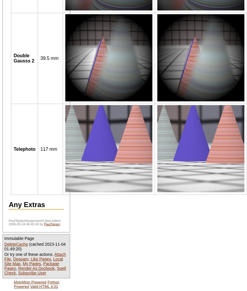 The height and width of the screenshot is (291, 247). Describe the element at coordinates (36, 268) in the screenshot. I see `'Render As Docbook'` at that location.